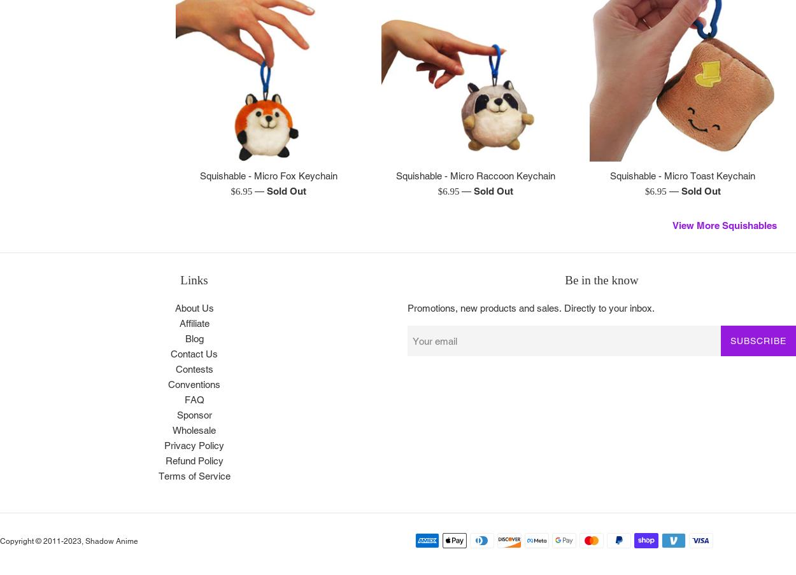 The image size is (796, 575). What do you see at coordinates (530, 307) in the screenshot?
I see `'Promotions, new products and sales. Directly to your inbox.'` at bounding box center [530, 307].